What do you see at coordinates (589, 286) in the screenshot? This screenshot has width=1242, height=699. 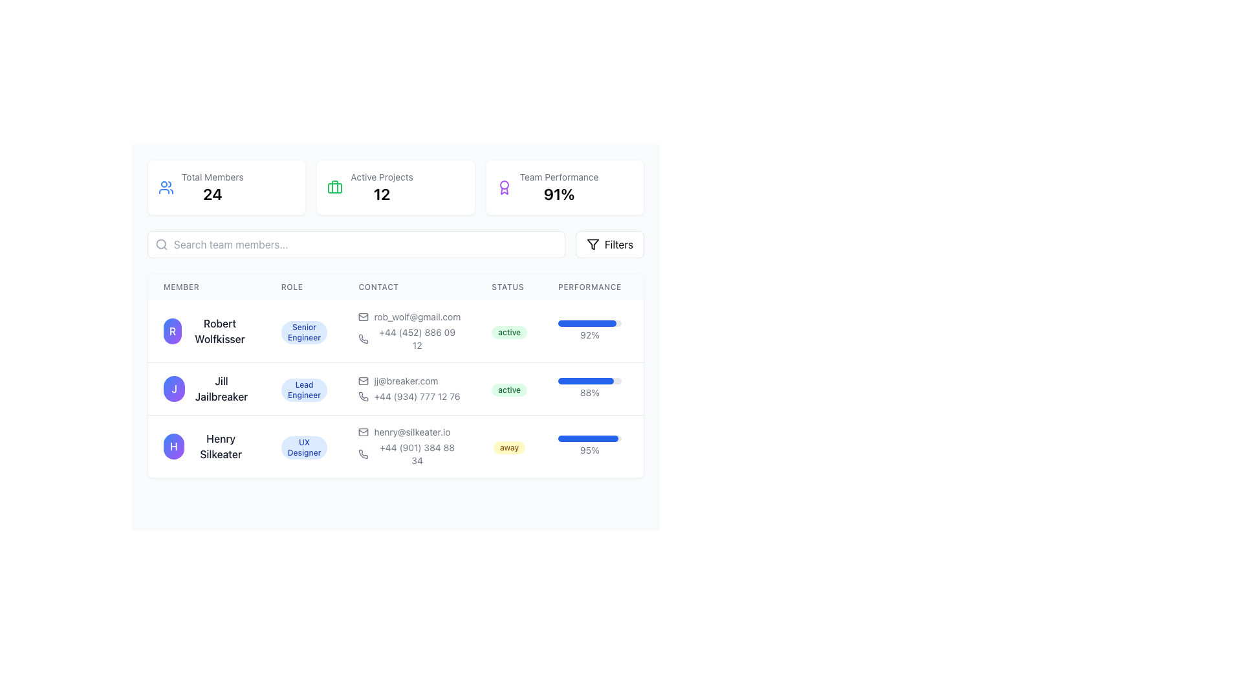 I see `the fifth column header in the data table that indicates performance metrics, located between the 'Status' and 'Actions' columns` at bounding box center [589, 286].